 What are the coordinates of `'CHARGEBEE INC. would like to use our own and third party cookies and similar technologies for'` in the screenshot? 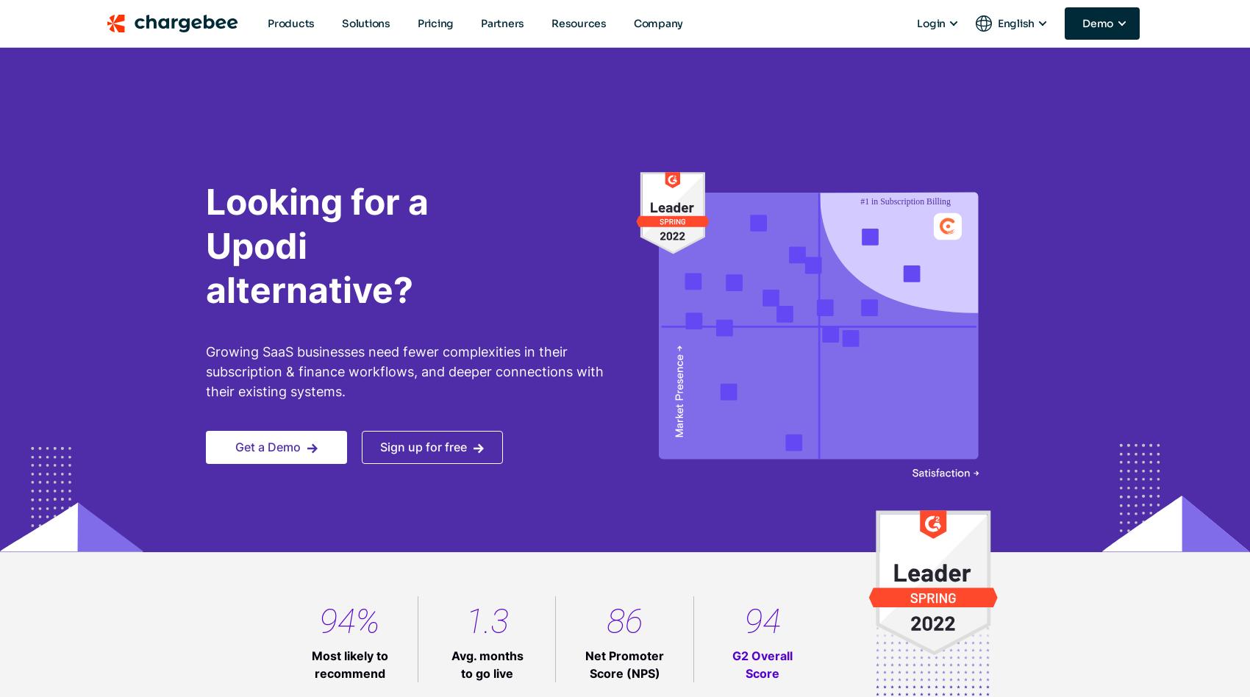 It's located at (617, 206).